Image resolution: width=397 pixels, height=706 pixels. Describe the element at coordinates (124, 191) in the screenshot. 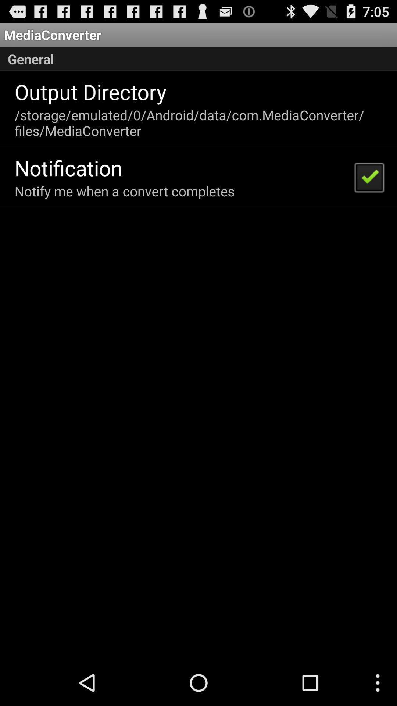

I see `the notify me when item` at that location.